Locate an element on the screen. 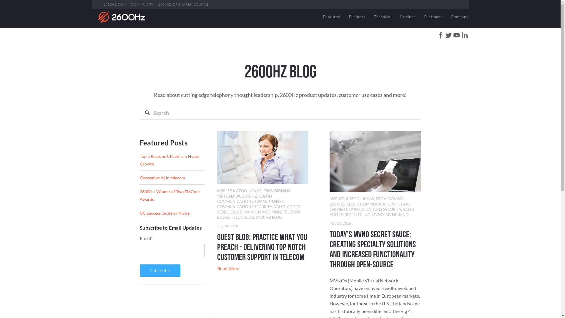 Image resolution: width=565 pixels, height=318 pixels. '2600HZ.ORG (OPEN SOURCE)' is located at coordinates (184, 4).